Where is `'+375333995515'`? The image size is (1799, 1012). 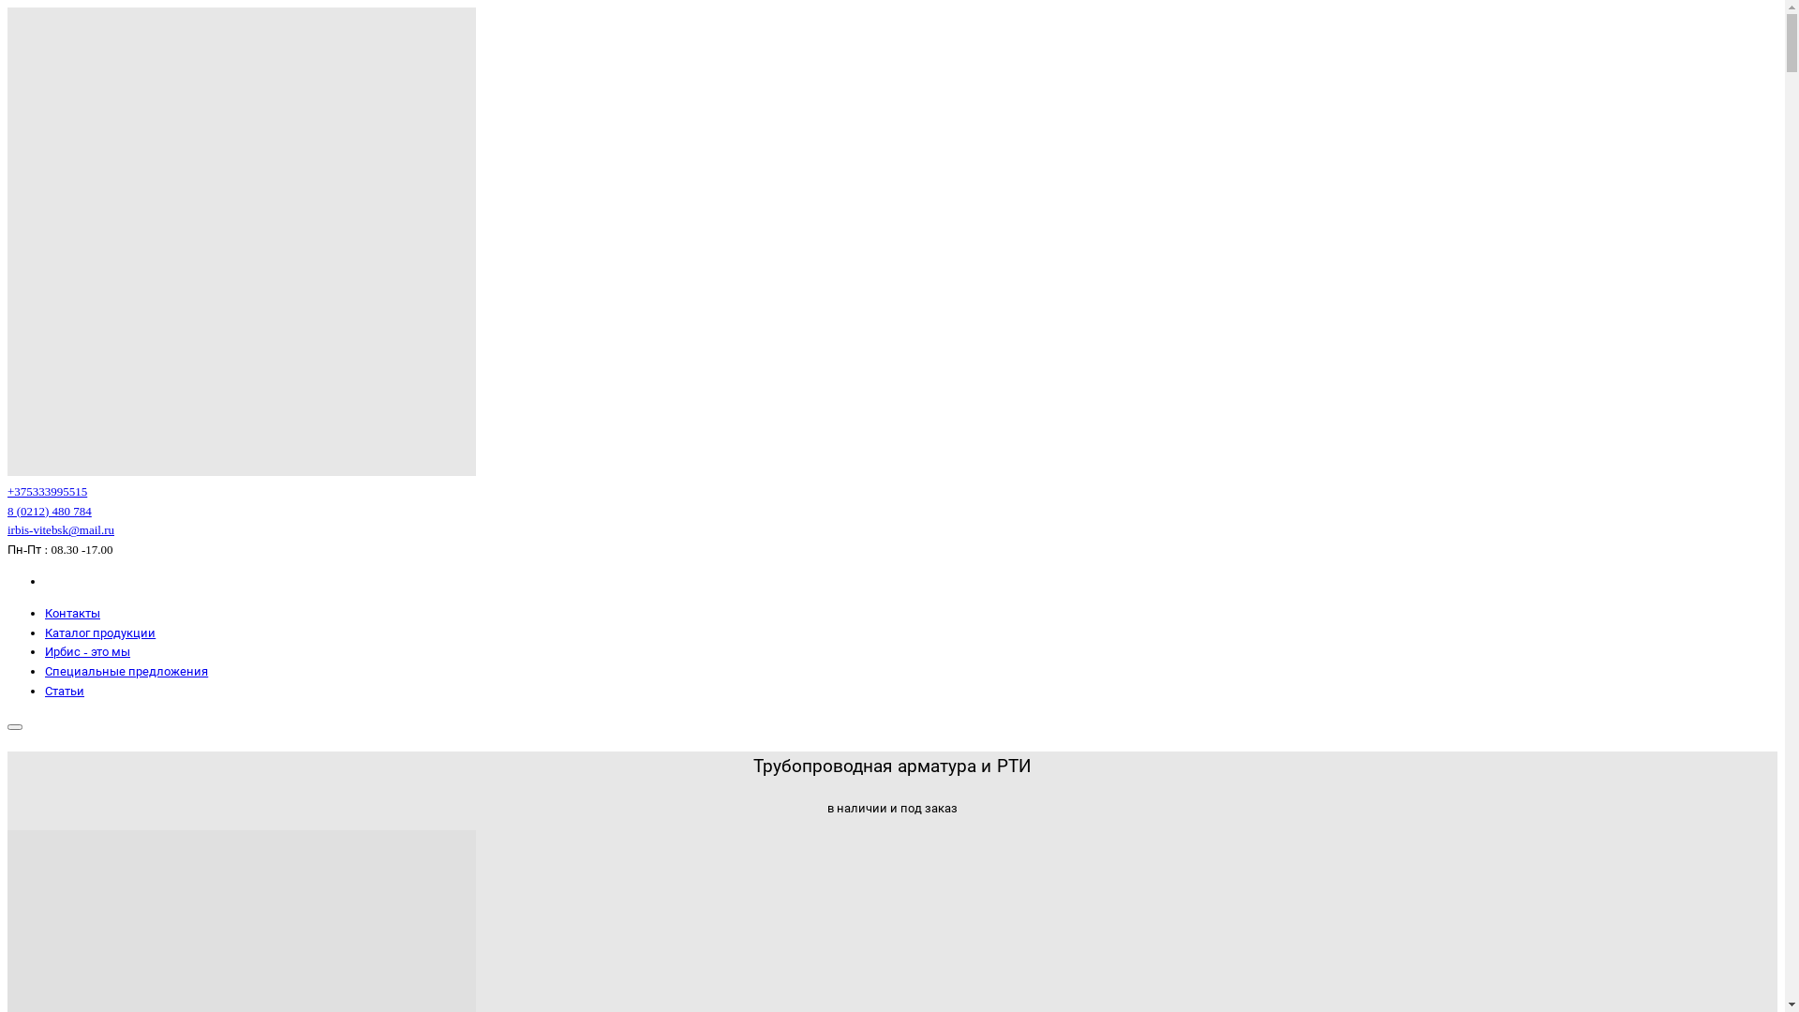 '+375333995515' is located at coordinates (47, 490).